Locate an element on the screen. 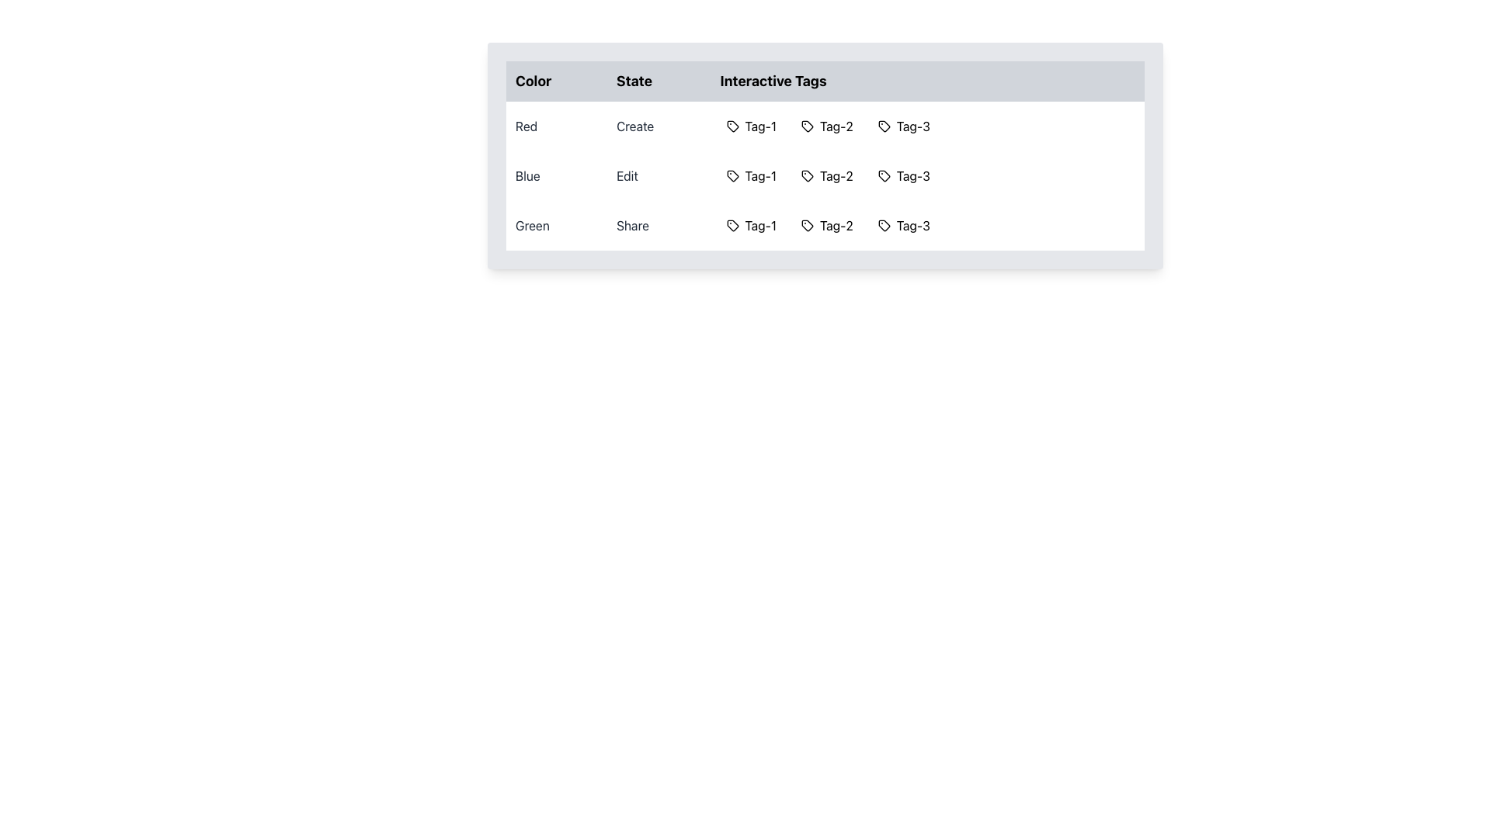  the price tag icon located in the 'Interactive Tags' section, which is the first icon under the 'Green' row, positioned between 'Tag-1' and 'Tag-3' is located at coordinates (808, 225).